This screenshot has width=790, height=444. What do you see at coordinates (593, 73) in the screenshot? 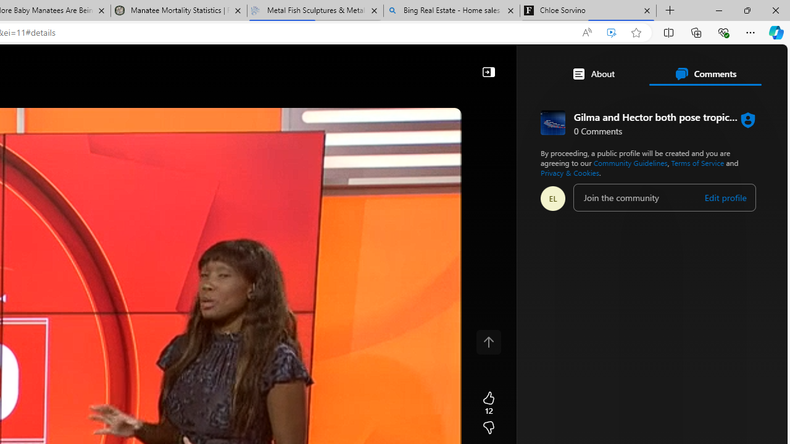
I see `'About'` at bounding box center [593, 73].